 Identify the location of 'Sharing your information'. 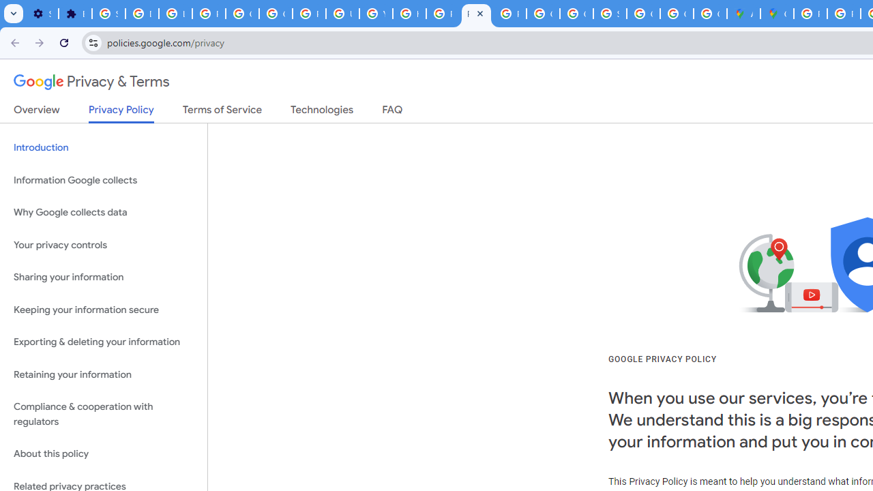
(103, 277).